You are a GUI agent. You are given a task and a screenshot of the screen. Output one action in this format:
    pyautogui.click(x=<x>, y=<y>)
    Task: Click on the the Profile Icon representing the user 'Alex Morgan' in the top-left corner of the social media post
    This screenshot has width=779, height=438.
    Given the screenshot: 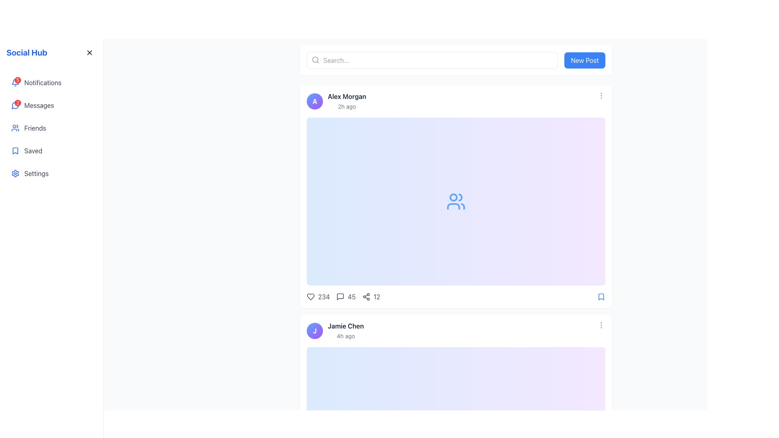 What is the action you would take?
    pyautogui.click(x=314, y=101)
    